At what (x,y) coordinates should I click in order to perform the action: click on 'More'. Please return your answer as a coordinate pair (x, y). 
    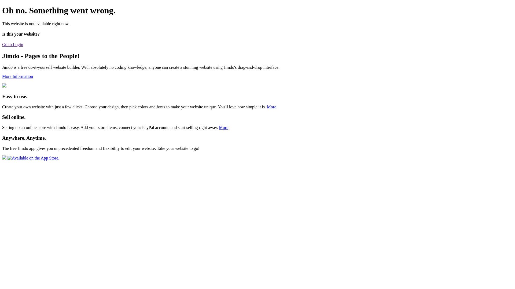
    Looking at the image, I should click on (223, 127).